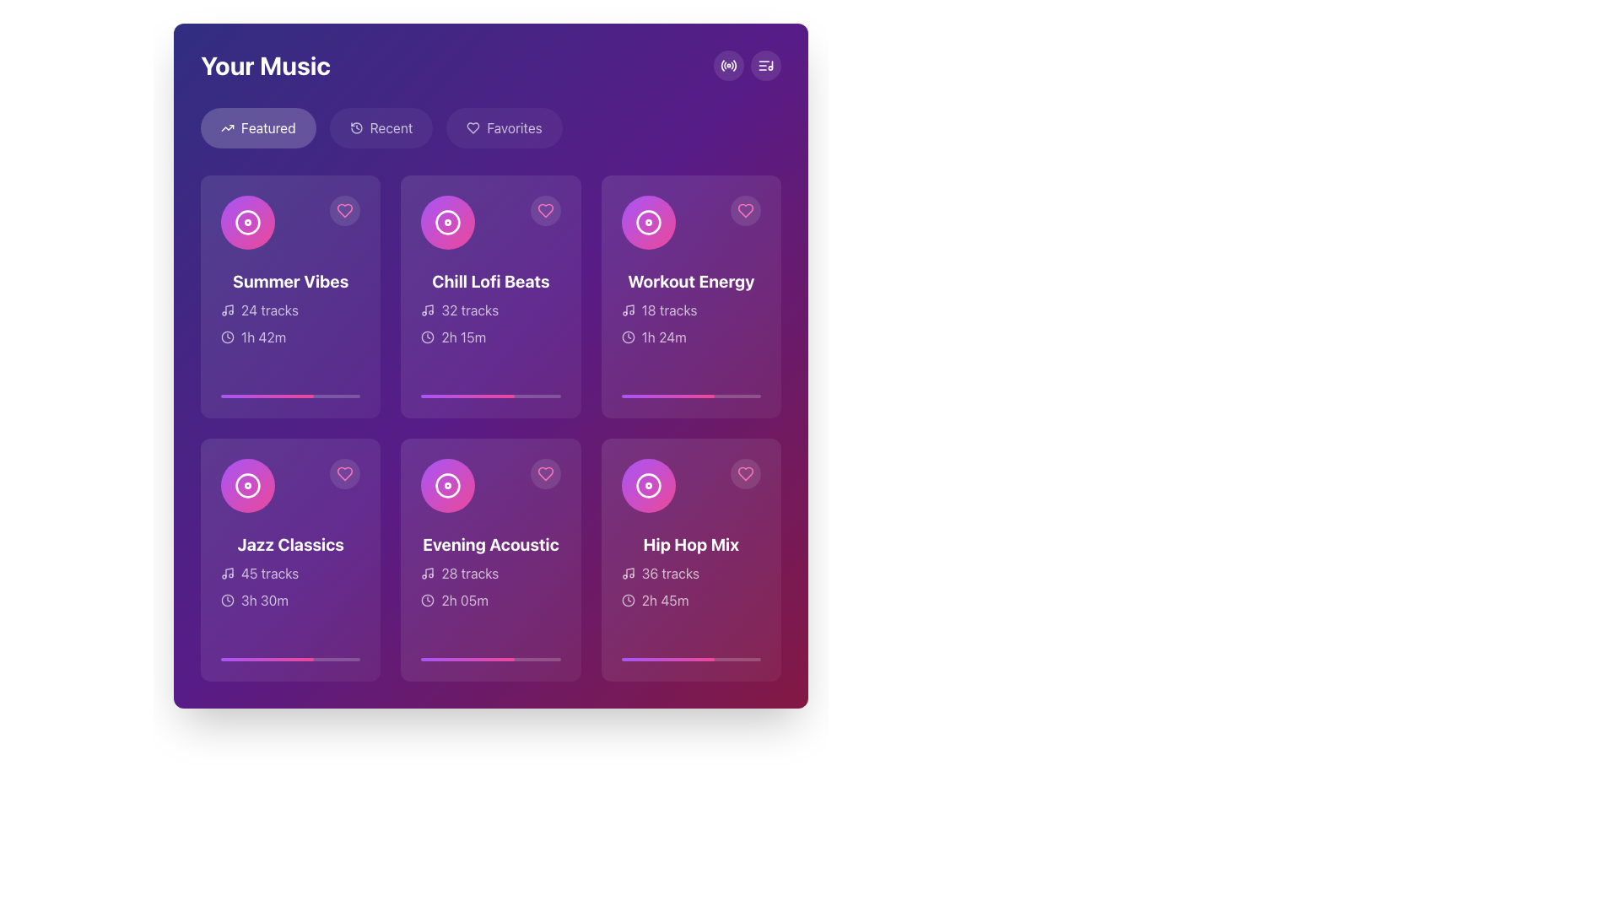  What do you see at coordinates (472, 127) in the screenshot?
I see `the heart-shaped outline icon representing 'like' or 'favorite' actions, located to the left of the 'Favorites' text in the music browsing interface` at bounding box center [472, 127].